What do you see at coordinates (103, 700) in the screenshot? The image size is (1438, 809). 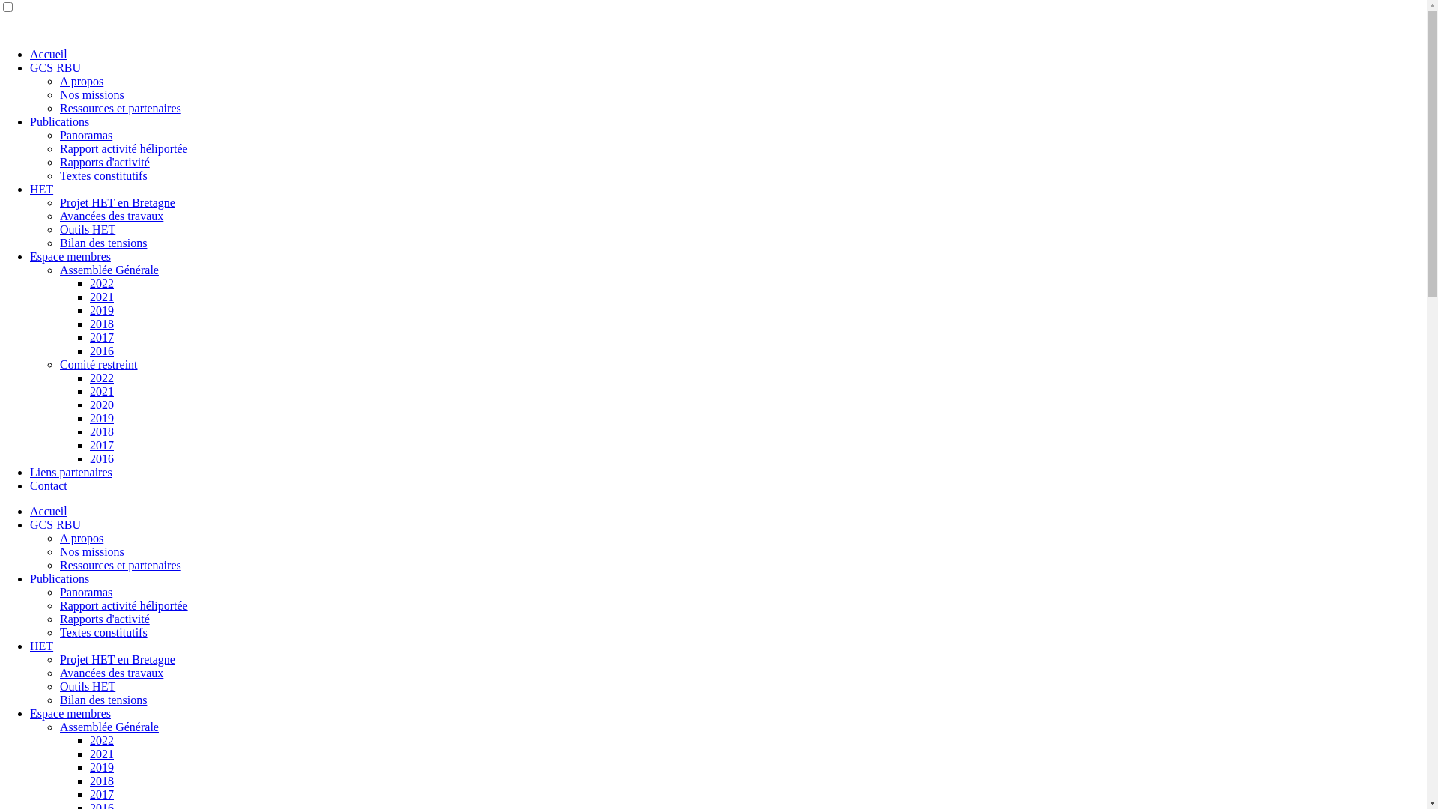 I see `'Bilan des tensions'` at bounding box center [103, 700].